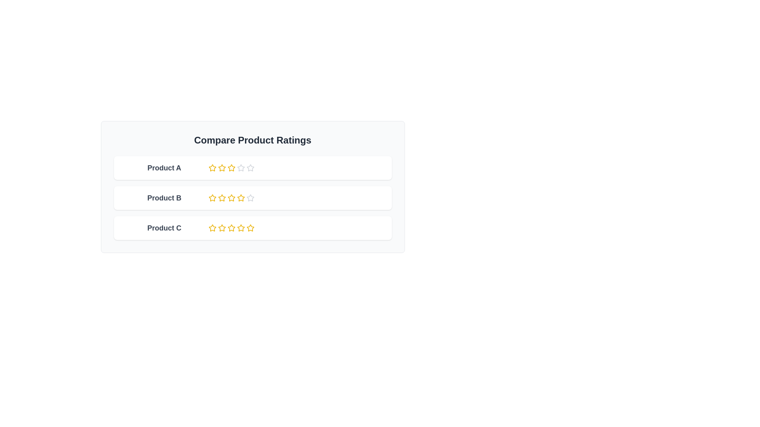 The image size is (760, 427). What do you see at coordinates (222, 228) in the screenshot?
I see `the fourth star in the five-star rating for 'Product C' to rate it` at bounding box center [222, 228].